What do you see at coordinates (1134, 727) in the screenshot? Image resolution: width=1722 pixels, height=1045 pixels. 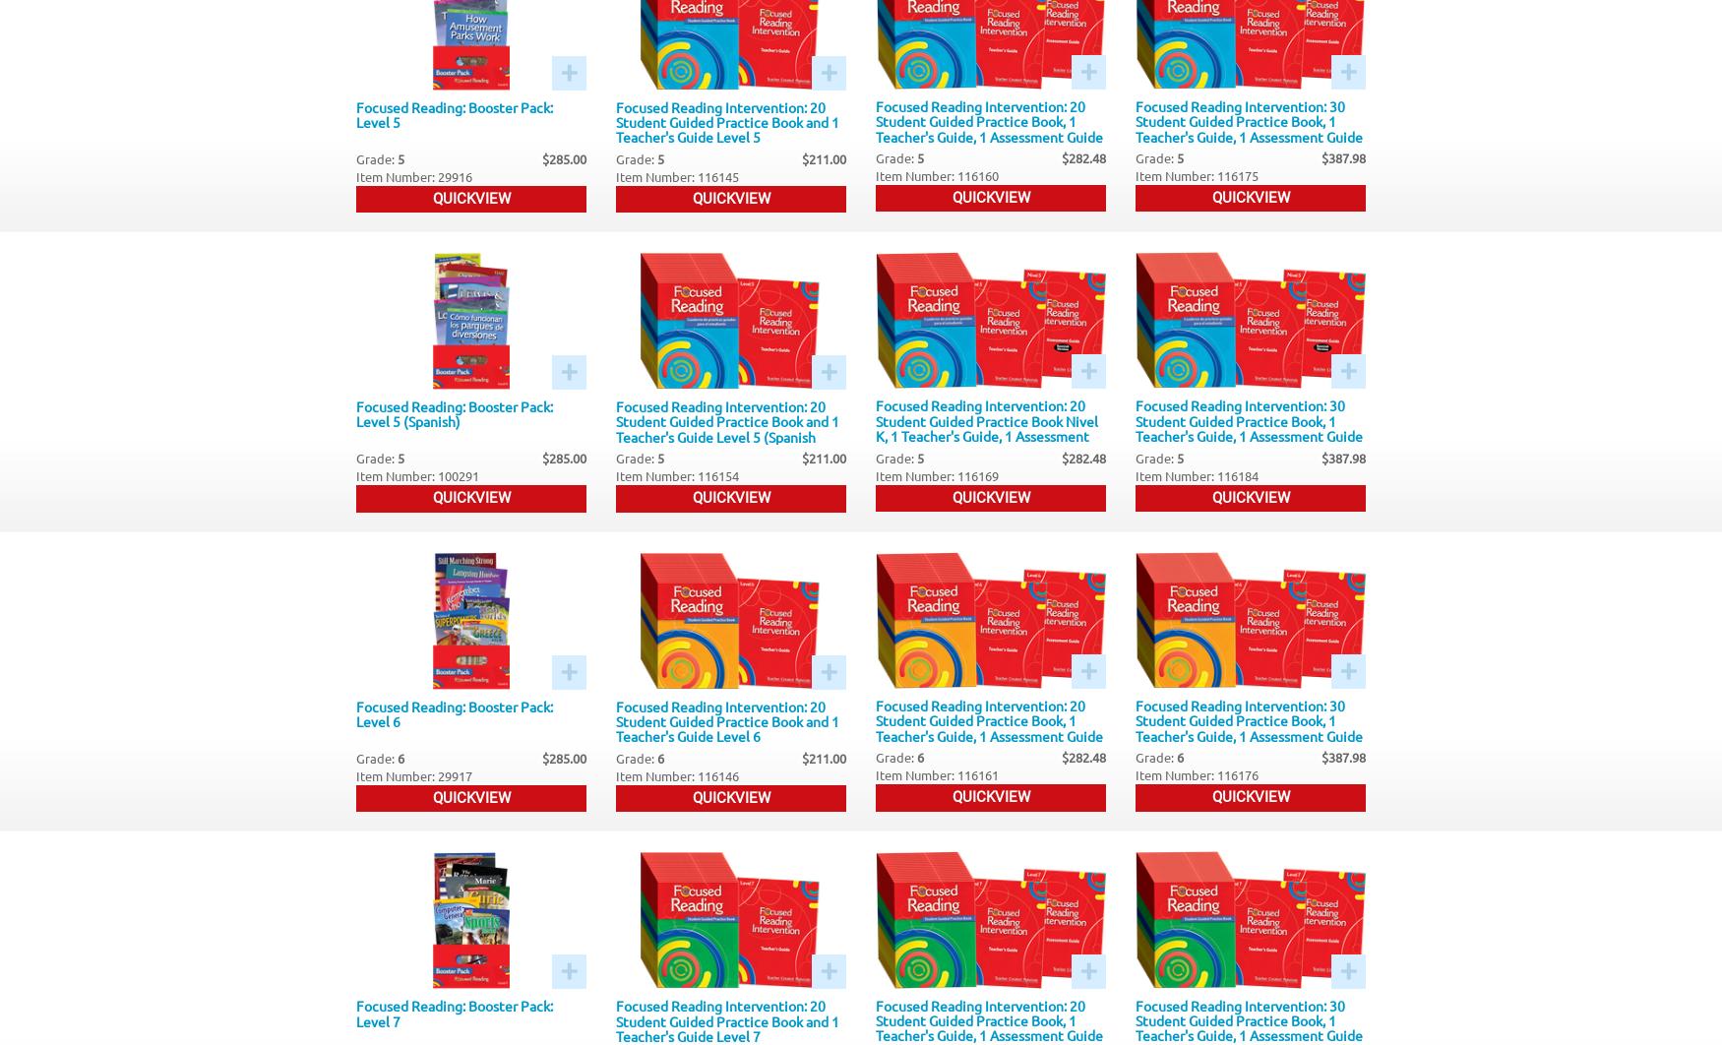 I see `'Focused Reading Intervention: 30 Student Guided Practice Book, 1 Teacher's Guide, 1 Assessment Guide Level 6'` at bounding box center [1134, 727].